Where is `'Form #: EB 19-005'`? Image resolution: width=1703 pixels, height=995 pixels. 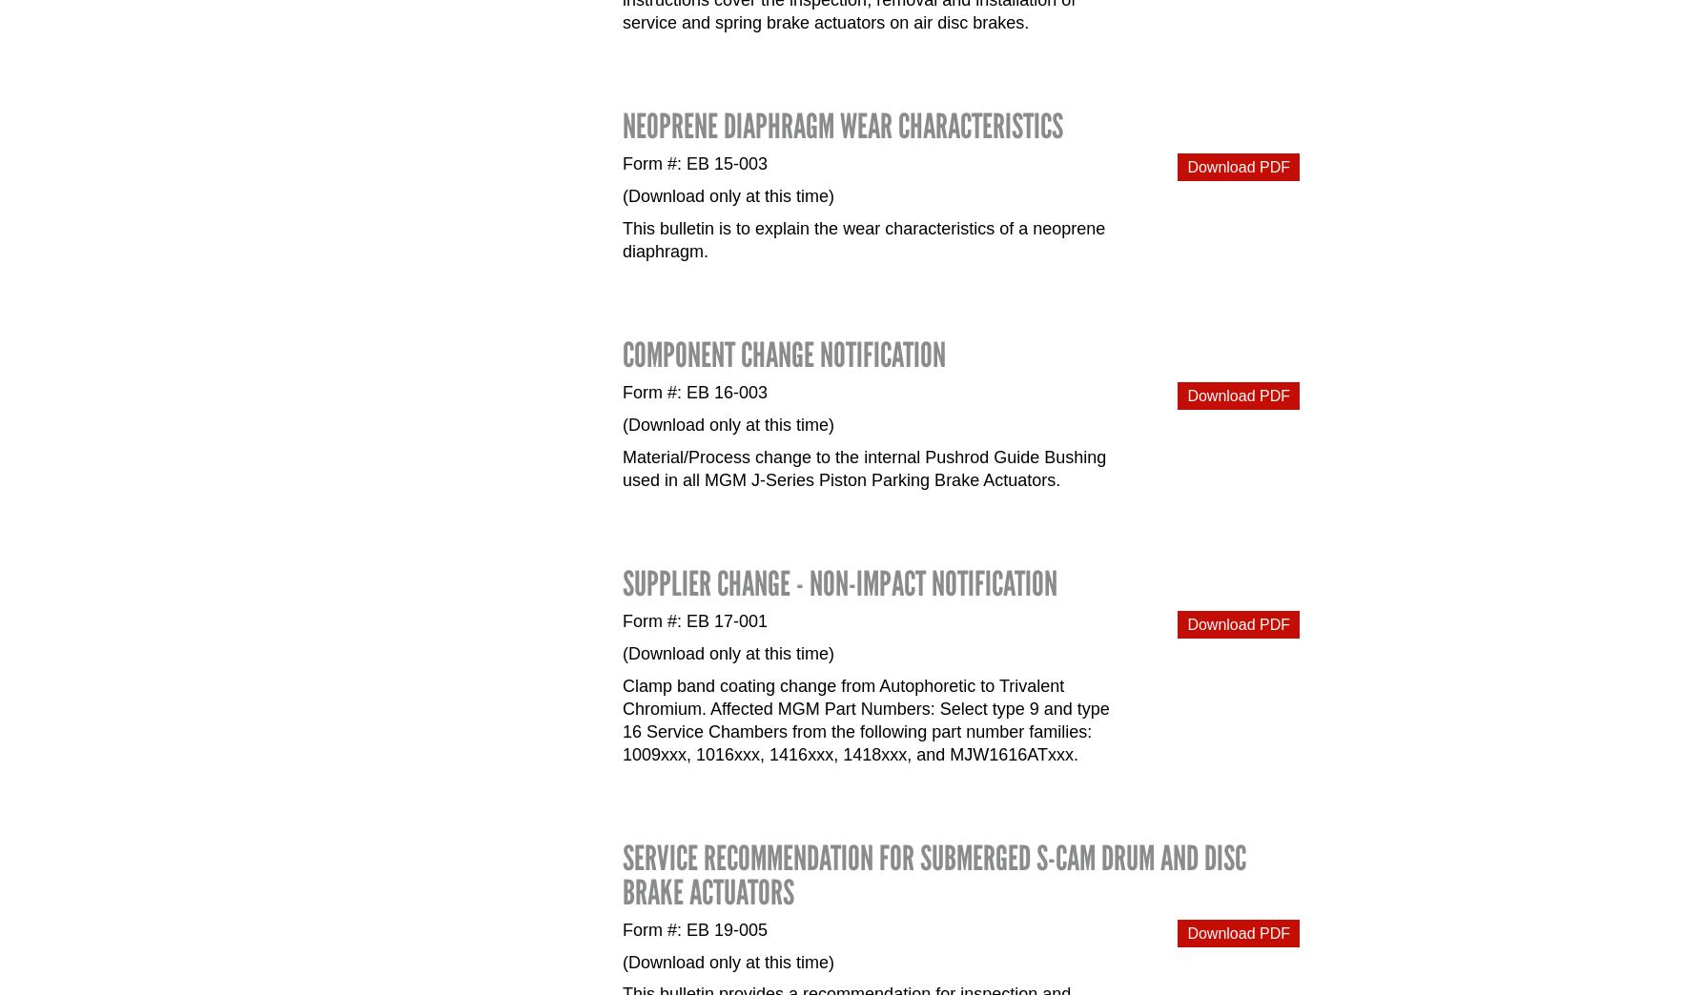 'Form #: EB 19-005' is located at coordinates (695, 927).